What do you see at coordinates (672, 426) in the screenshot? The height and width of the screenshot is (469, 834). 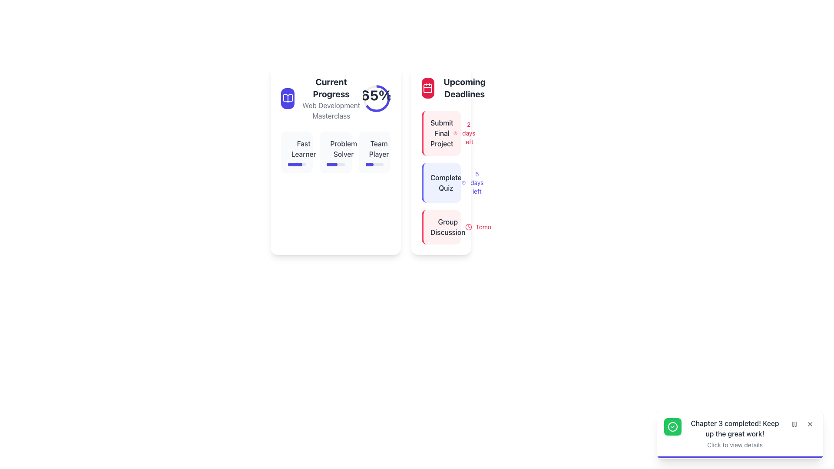 I see `the circular icon with a green background and white checkmark` at bounding box center [672, 426].